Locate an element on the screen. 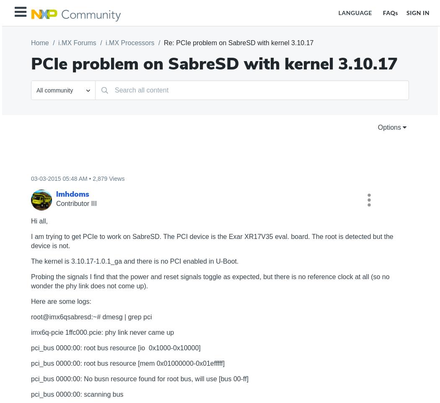 This screenshot has height=403, width=440. 'PCIe problem on SabreSD with kernel 3.10.17' is located at coordinates (214, 64).